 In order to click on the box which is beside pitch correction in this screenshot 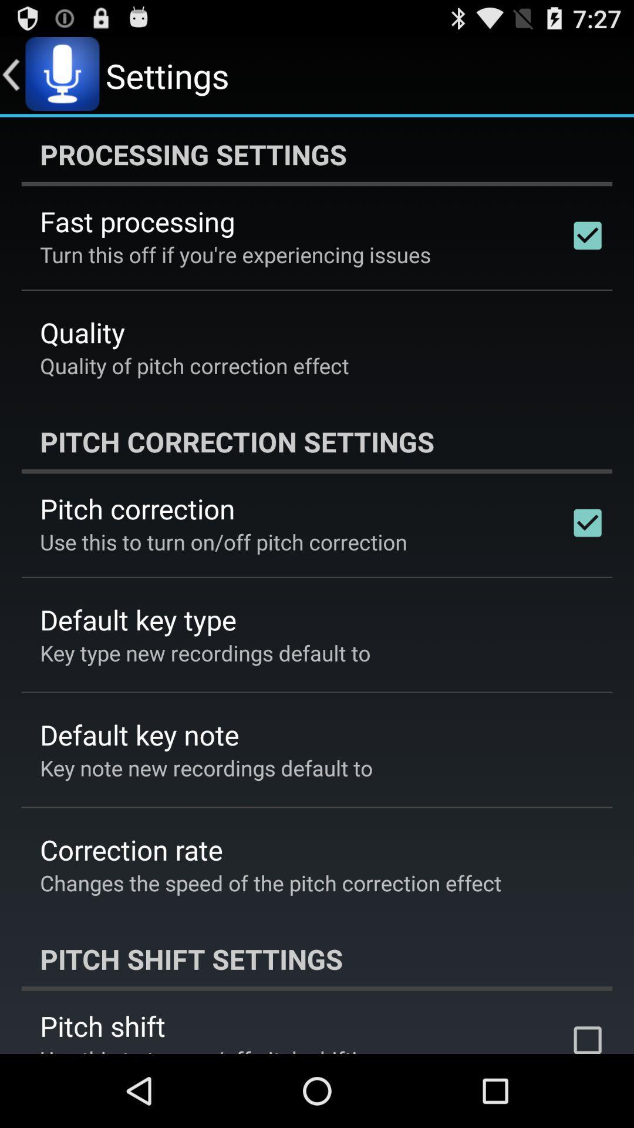, I will do `click(588, 522)`.